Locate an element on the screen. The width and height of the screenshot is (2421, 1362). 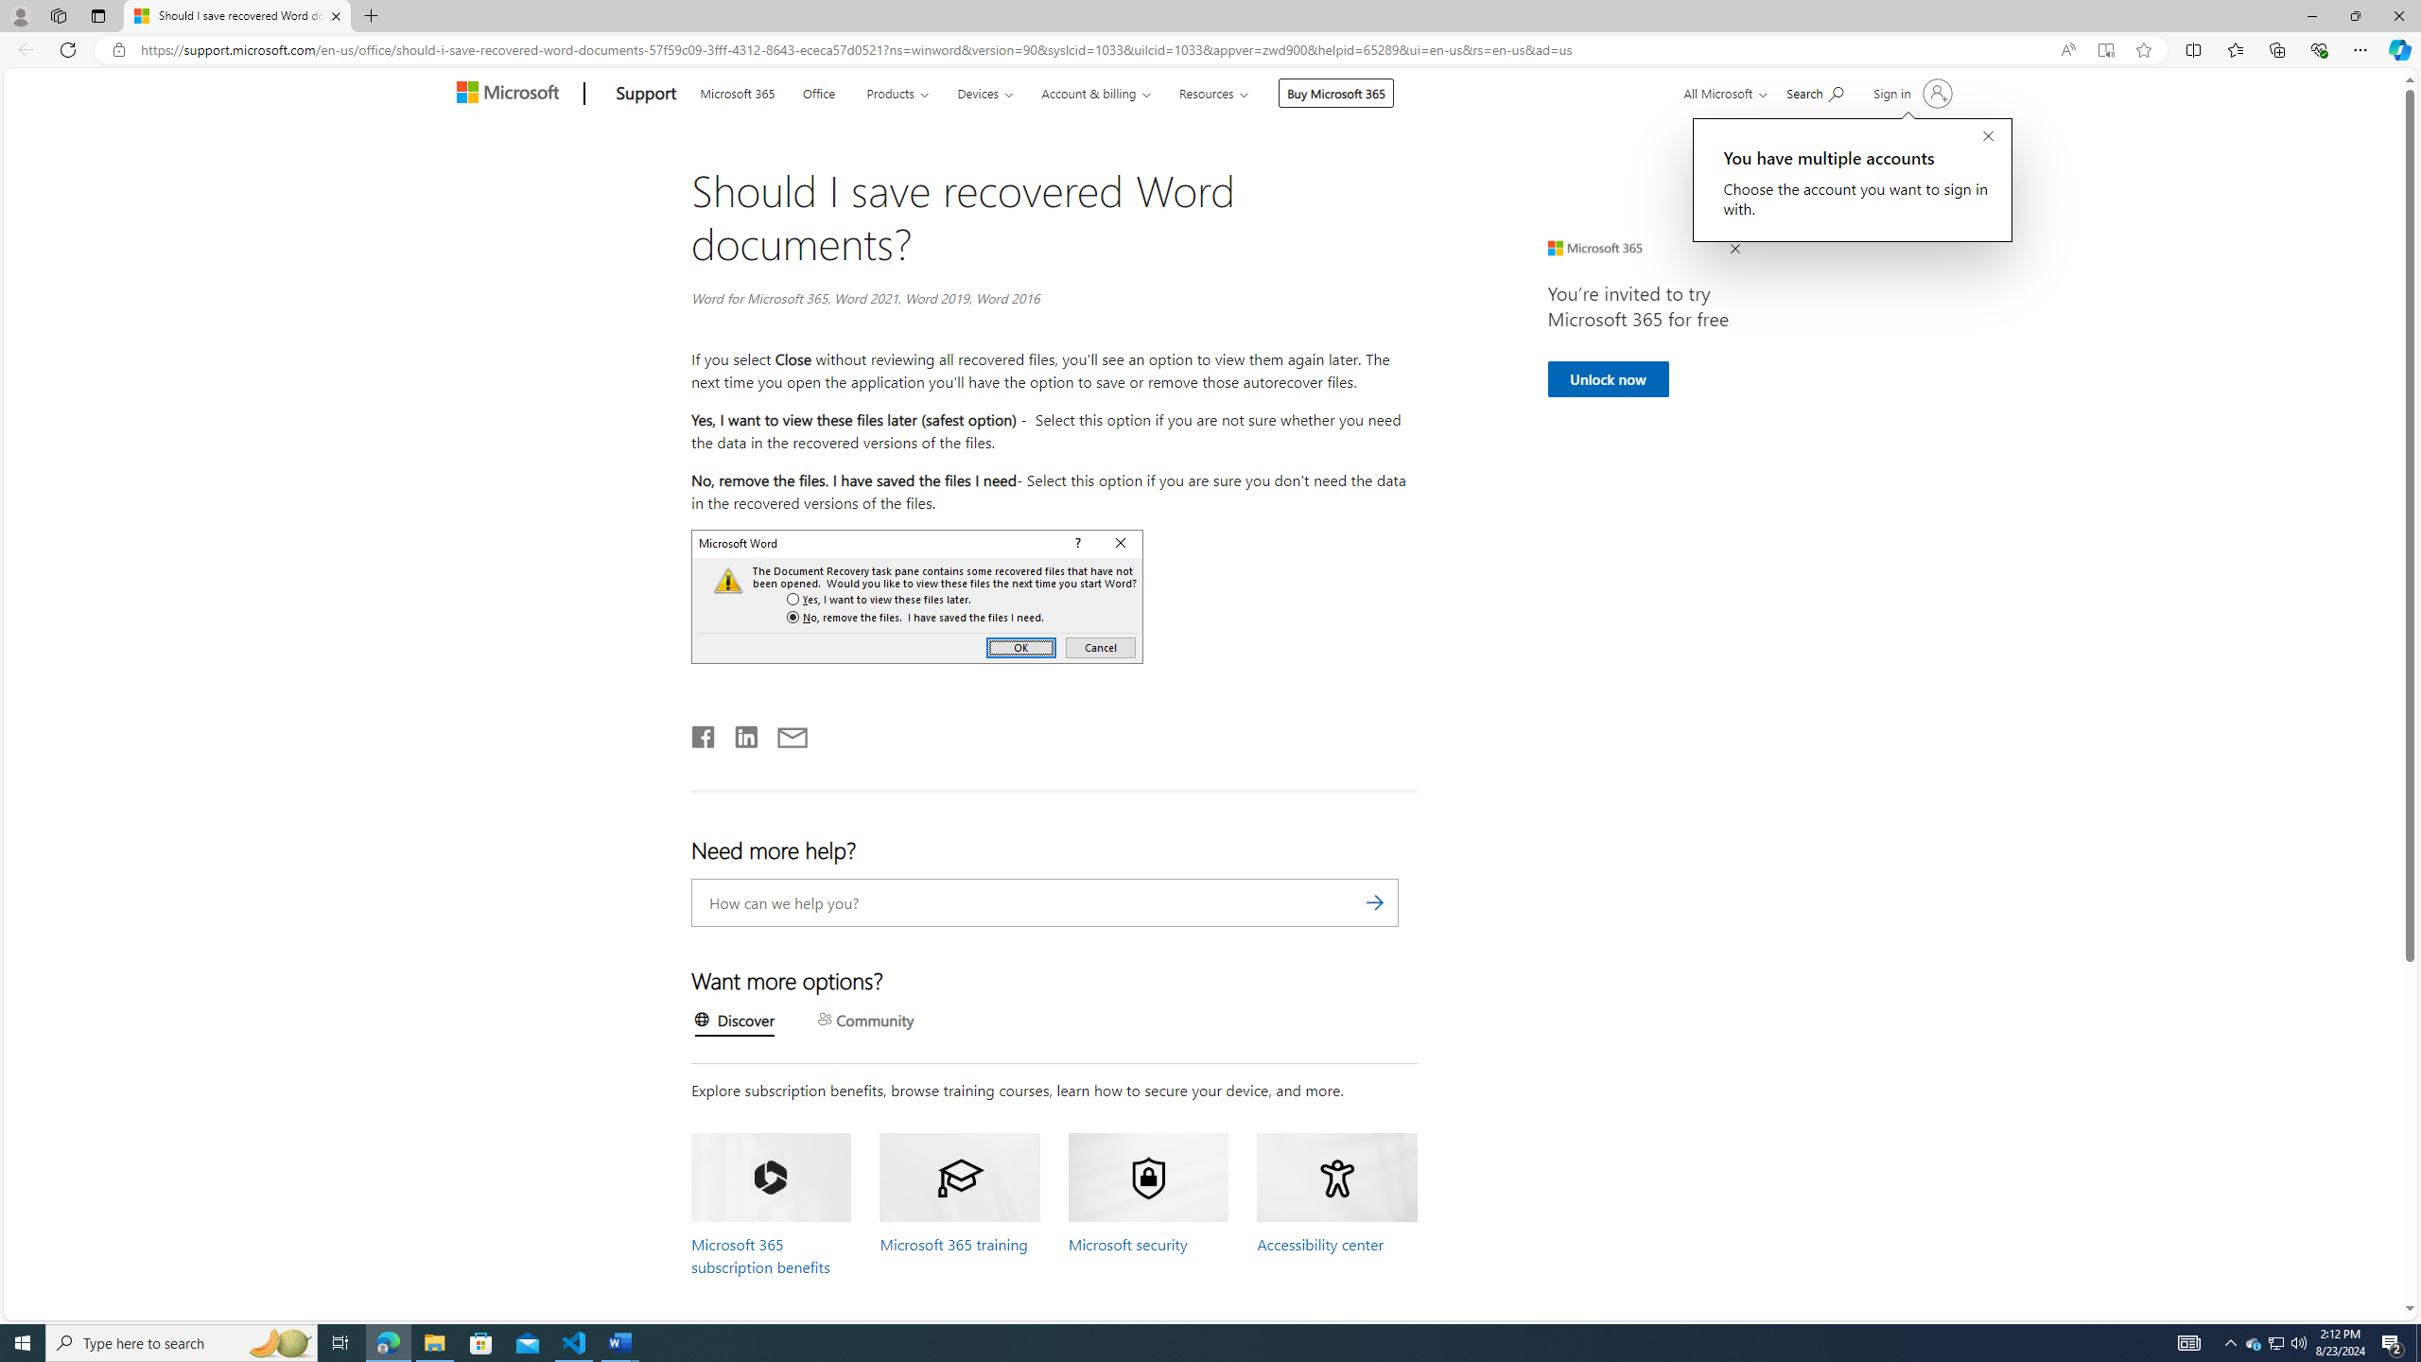
'Enter Immersive Reader (F9)' is located at coordinates (2105, 50).